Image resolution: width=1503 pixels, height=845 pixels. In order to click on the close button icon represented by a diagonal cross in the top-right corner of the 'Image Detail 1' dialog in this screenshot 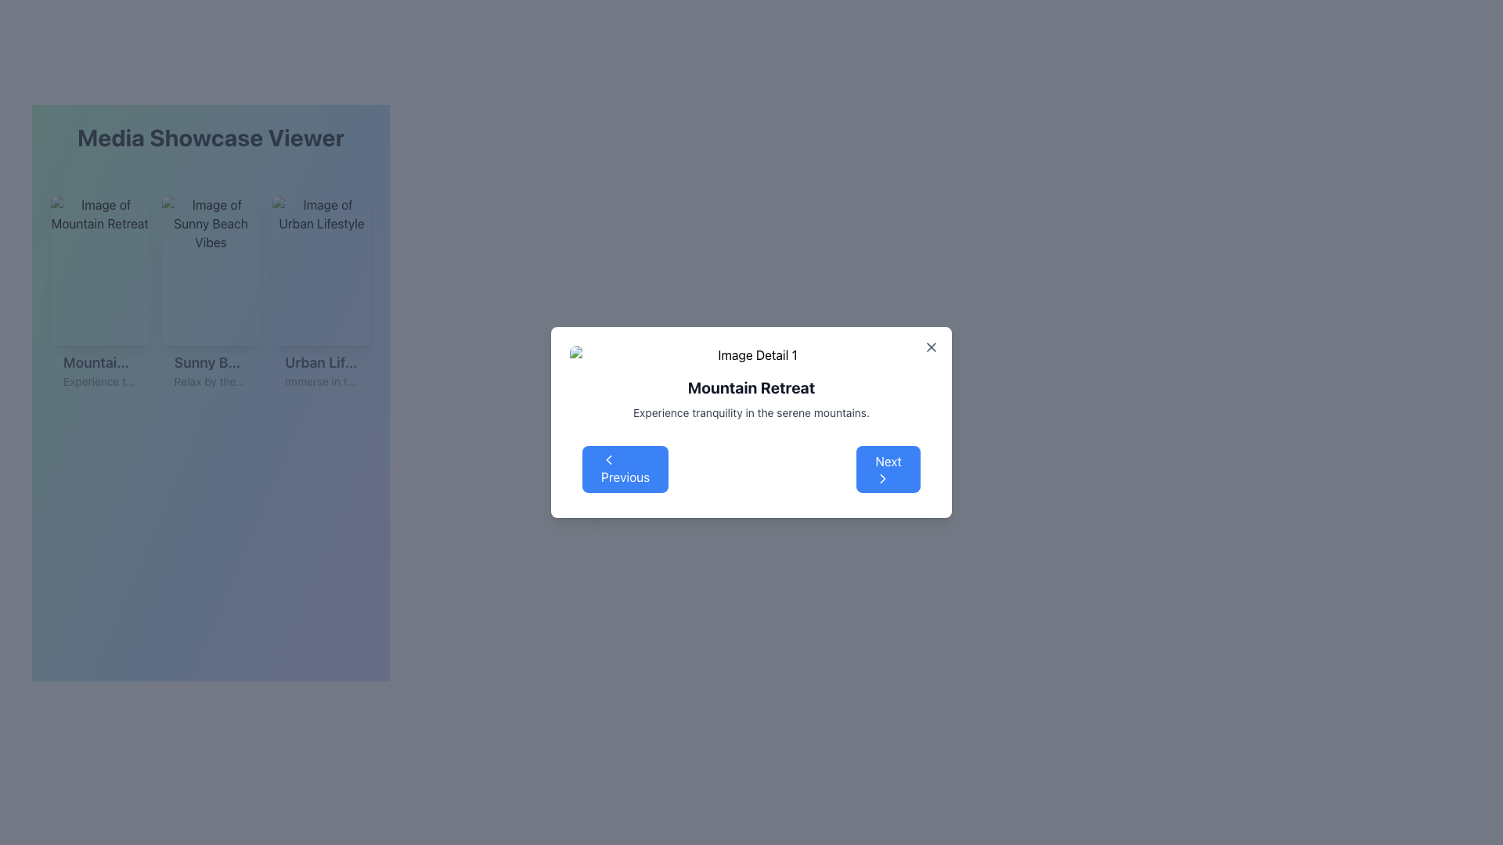, I will do `click(932, 346)`.